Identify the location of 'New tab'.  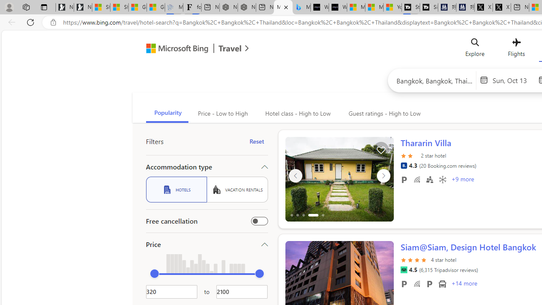
(520, 7).